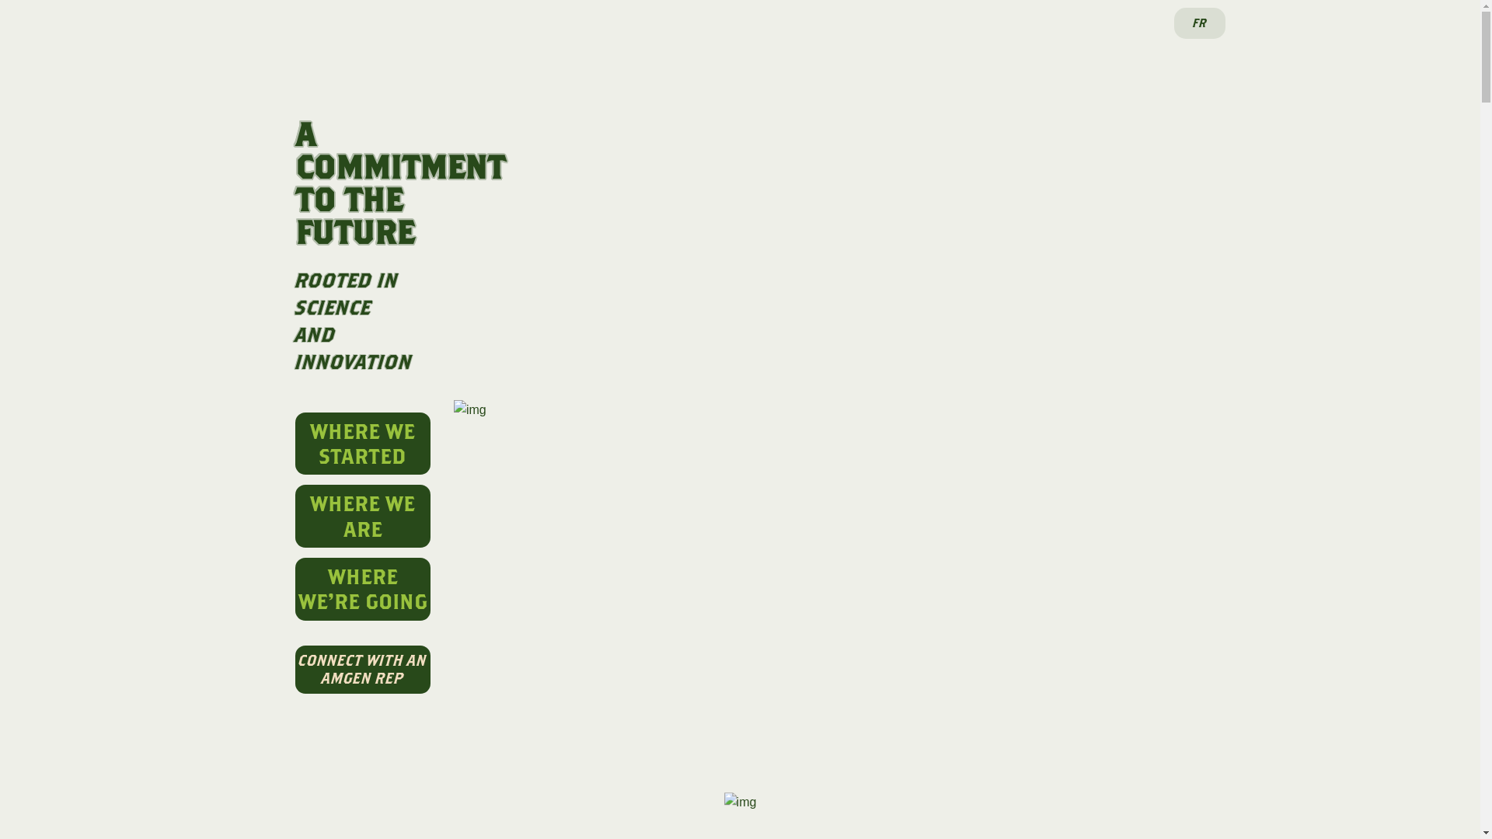 The width and height of the screenshot is (1492, 839). Describe the element at coordinates (295, 444) in the screenshot. I see `'WHERE WE STARTED'` at that location.